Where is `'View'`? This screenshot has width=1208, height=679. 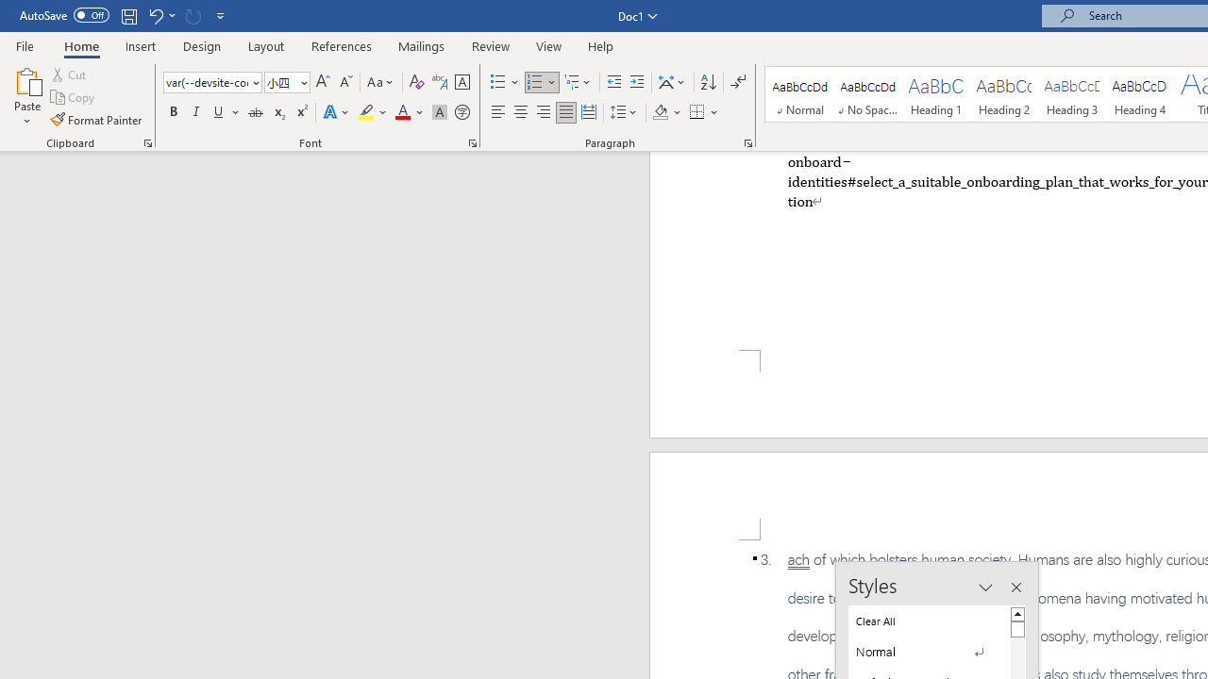
'View' is located at coordinates (548, 45).